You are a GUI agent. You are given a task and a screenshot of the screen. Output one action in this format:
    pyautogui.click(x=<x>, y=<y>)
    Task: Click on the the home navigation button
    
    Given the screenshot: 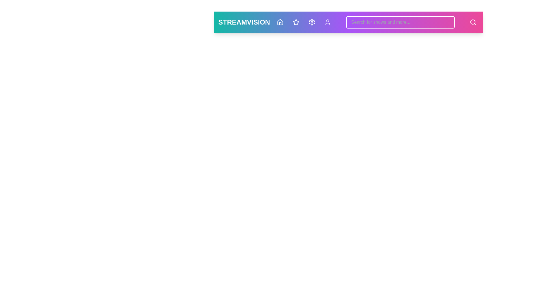 What is the action you would take?
    pyautogui.click(x=280, y=22)
    